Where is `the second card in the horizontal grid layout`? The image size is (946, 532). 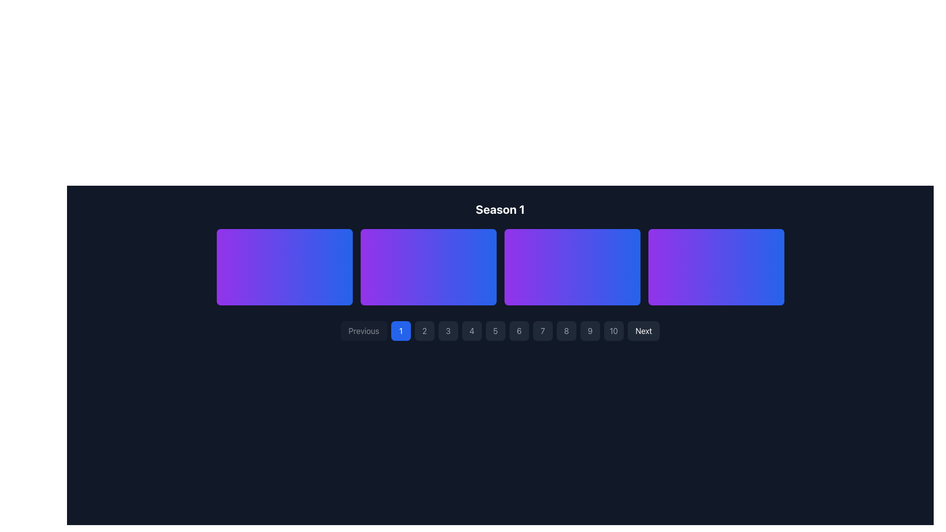
the second card in the horizontal grid layout is located at coordinates (428, 267).